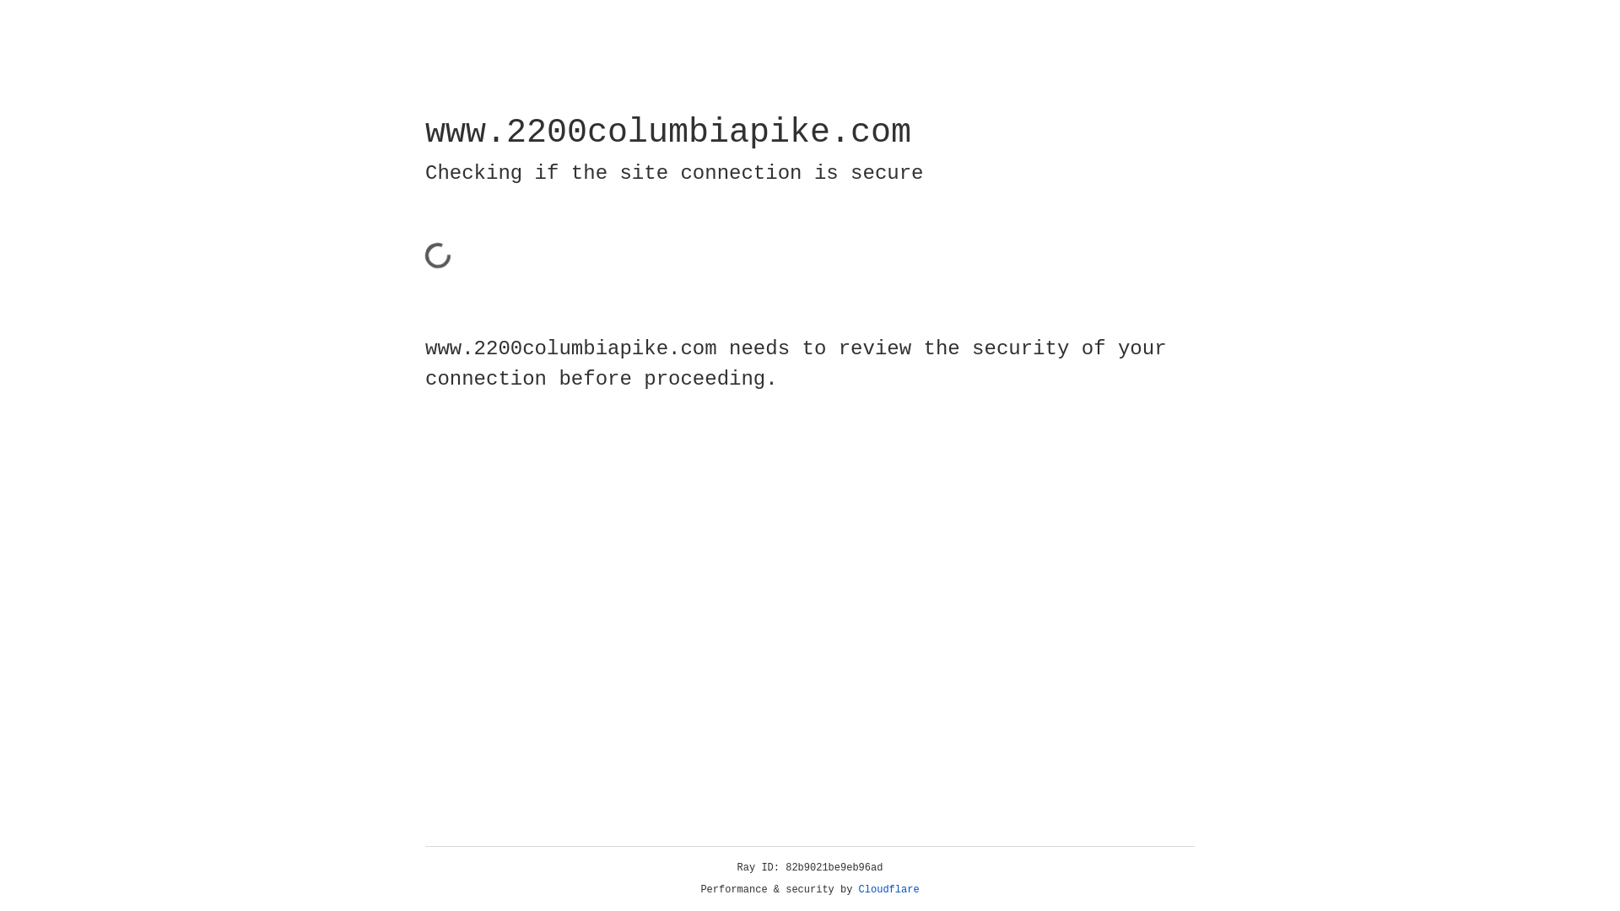 The image size is (1620, 911). Describe the element at coordinates (858, 889) in the screenshot. I see `'Cloudflare'` at that location.